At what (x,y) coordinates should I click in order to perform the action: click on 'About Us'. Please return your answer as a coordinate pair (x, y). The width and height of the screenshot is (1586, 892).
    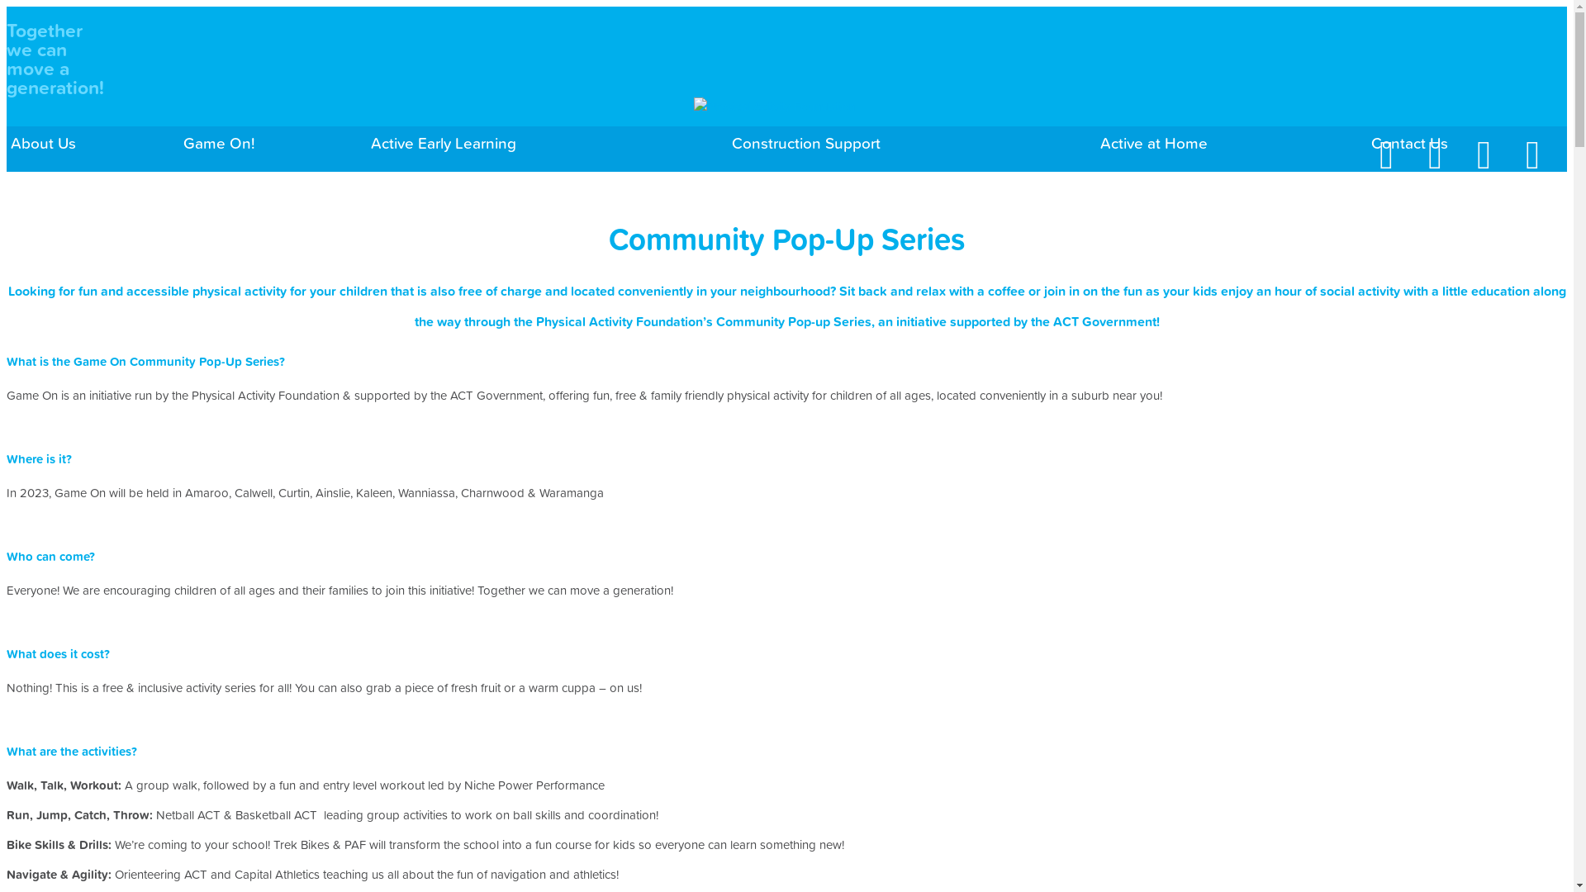
    Looking at the image, I should click on (7, 142).